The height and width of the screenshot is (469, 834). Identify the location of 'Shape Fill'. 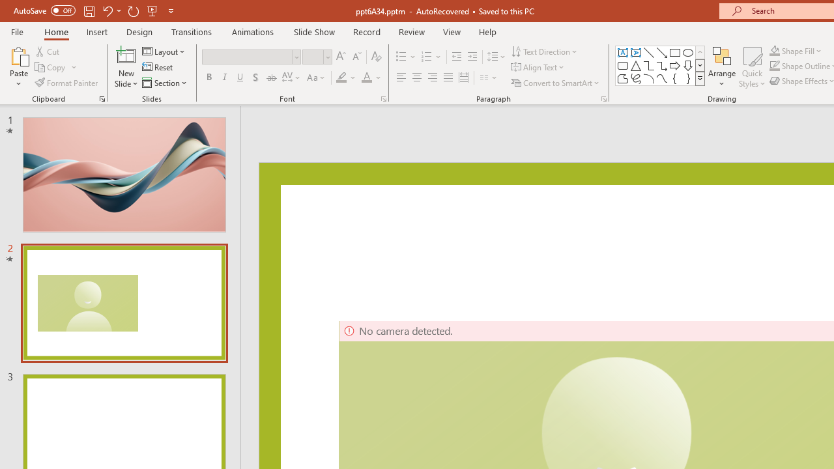
(775, 50).